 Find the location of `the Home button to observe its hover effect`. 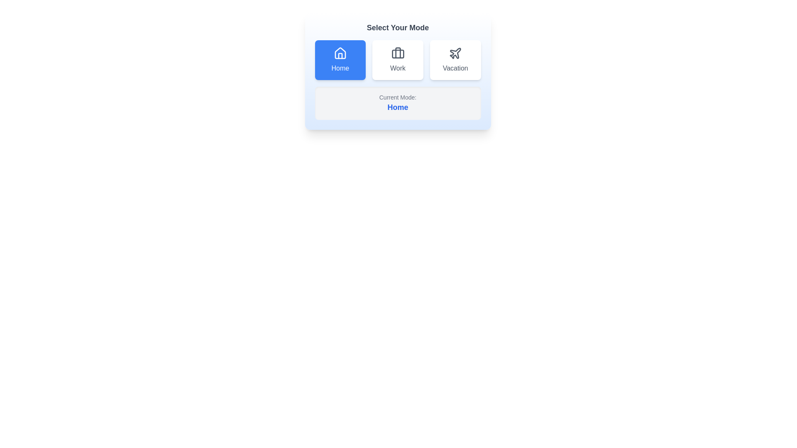

the Home button to observe its hover effect is located at coordinates (340, 60).